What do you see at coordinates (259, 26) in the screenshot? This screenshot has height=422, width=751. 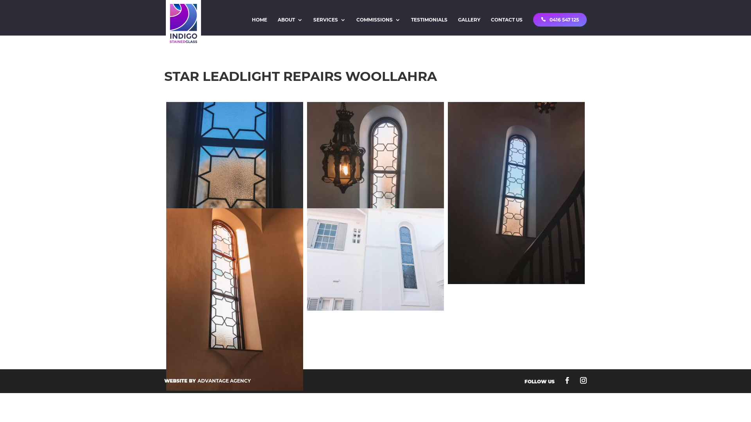 I see `'HOME'` at bounding box center [259, 26].